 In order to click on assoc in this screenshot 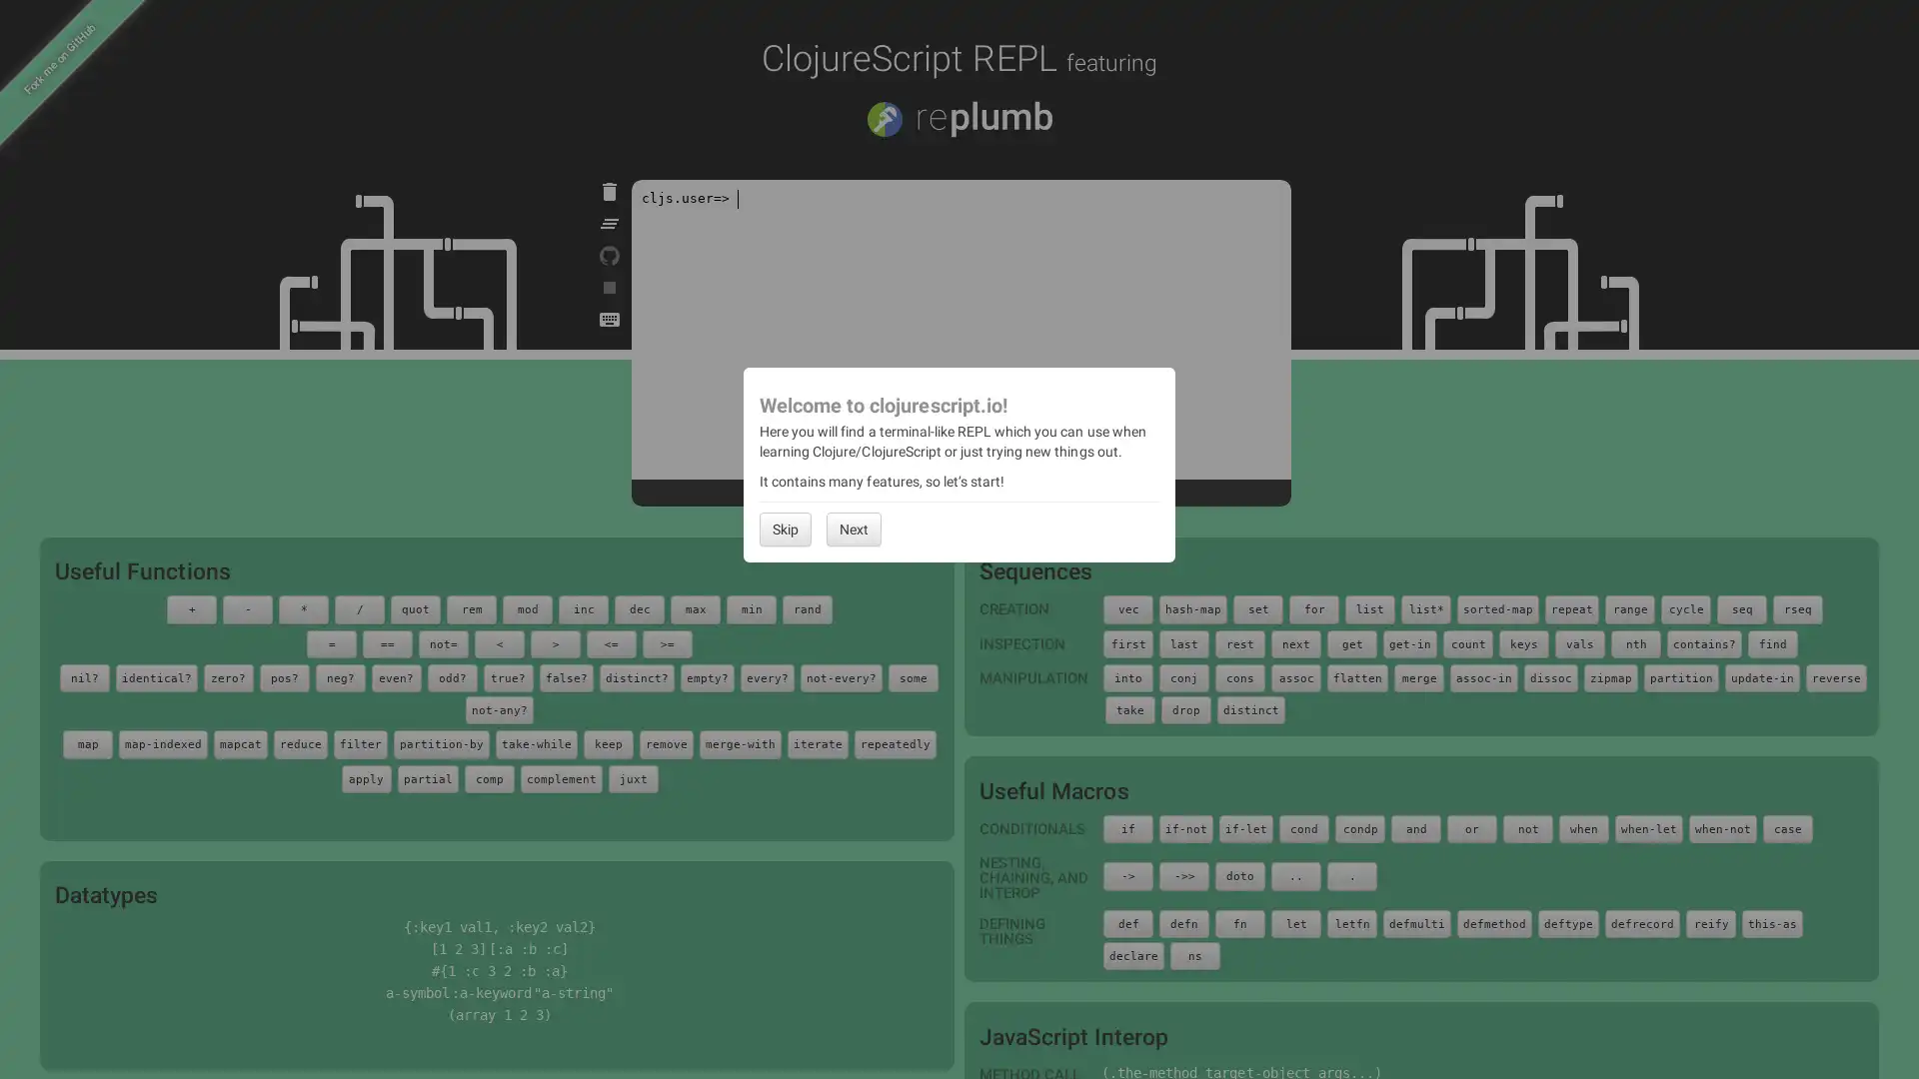, I will do `click(1295, 676)`.